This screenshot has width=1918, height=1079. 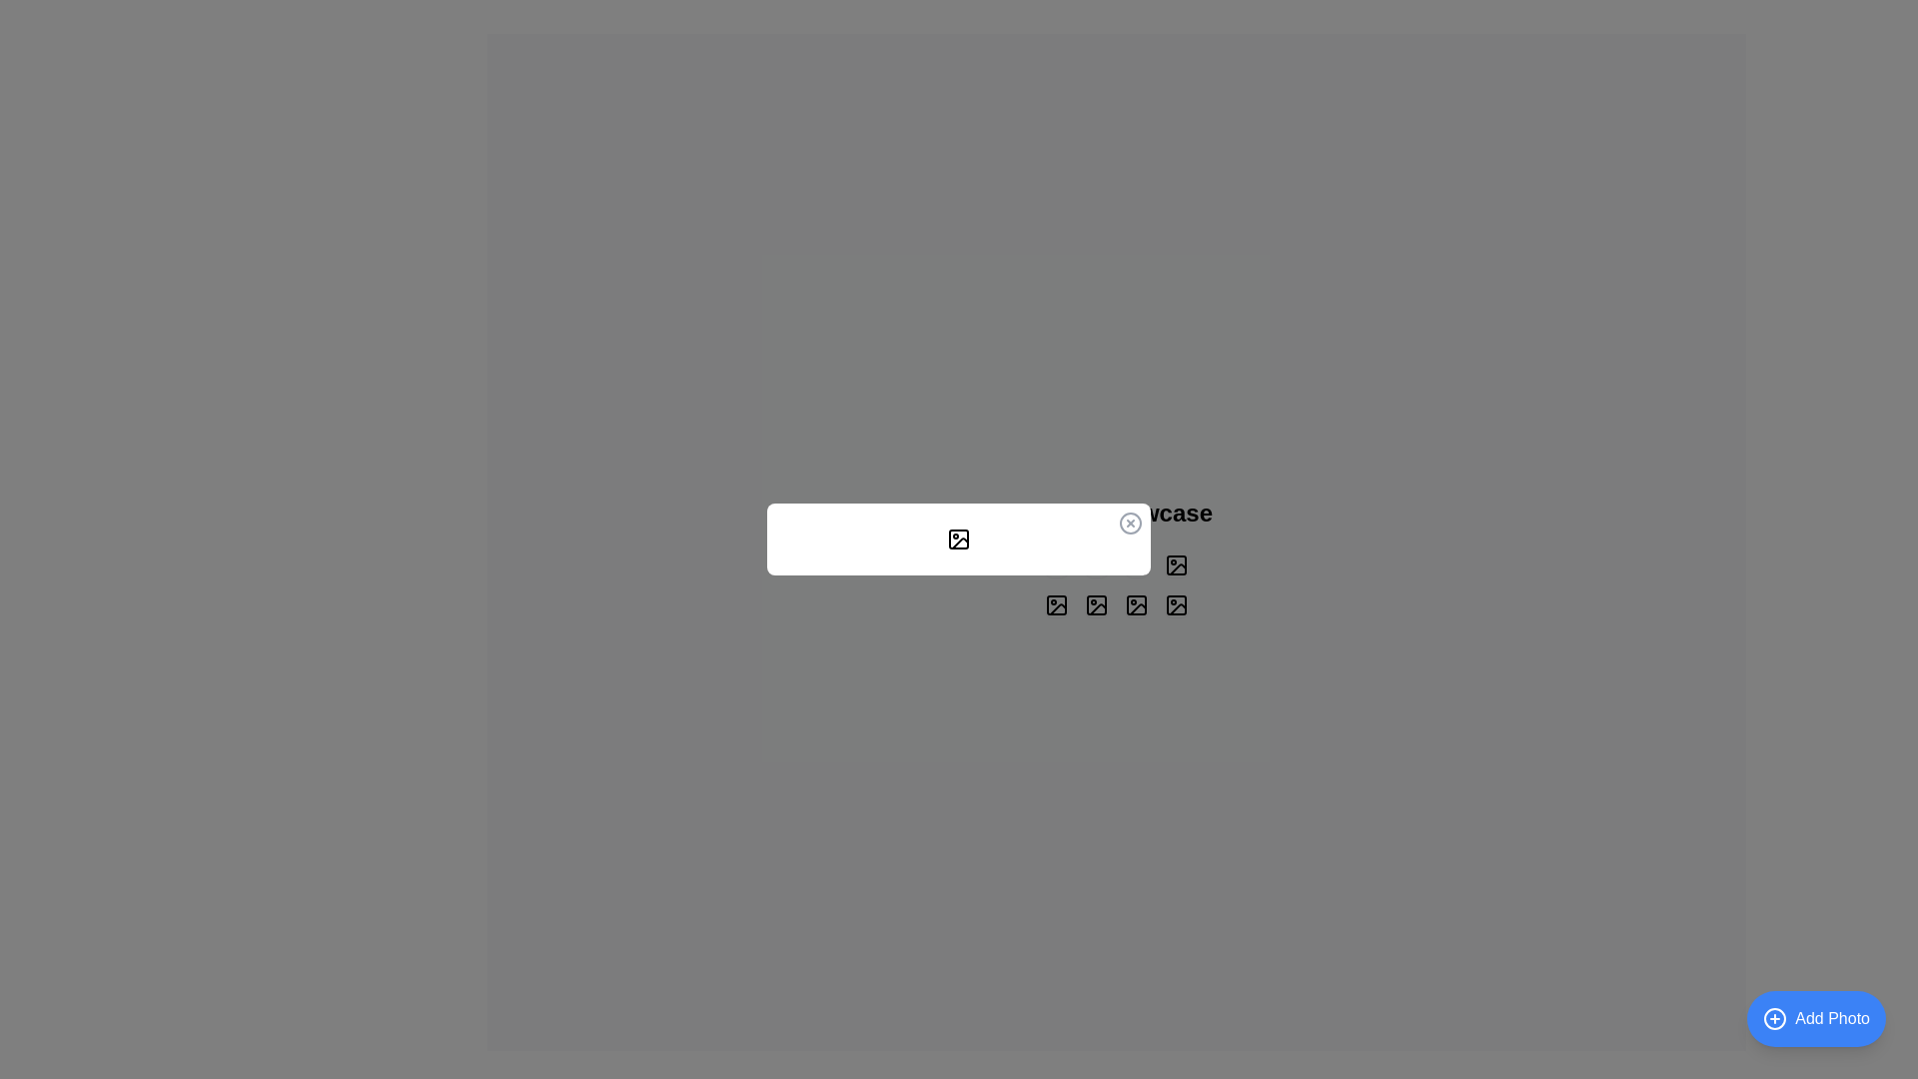 What do you see at coordinates (1136, 603) in the screenshot?
I see `the zoom in button, which is the second icon from the right` at bounding box center [1136, 603].